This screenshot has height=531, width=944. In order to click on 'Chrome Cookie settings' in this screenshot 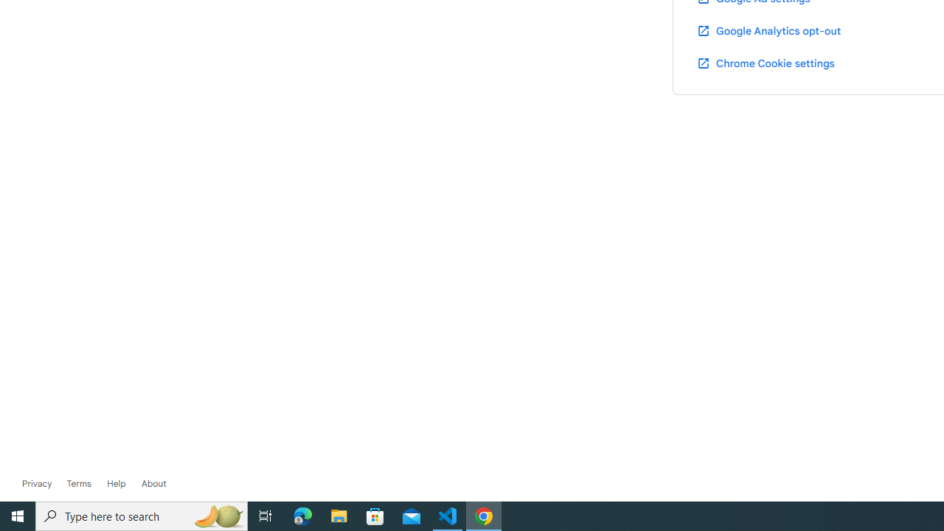, I will do `click(766, 62)`.